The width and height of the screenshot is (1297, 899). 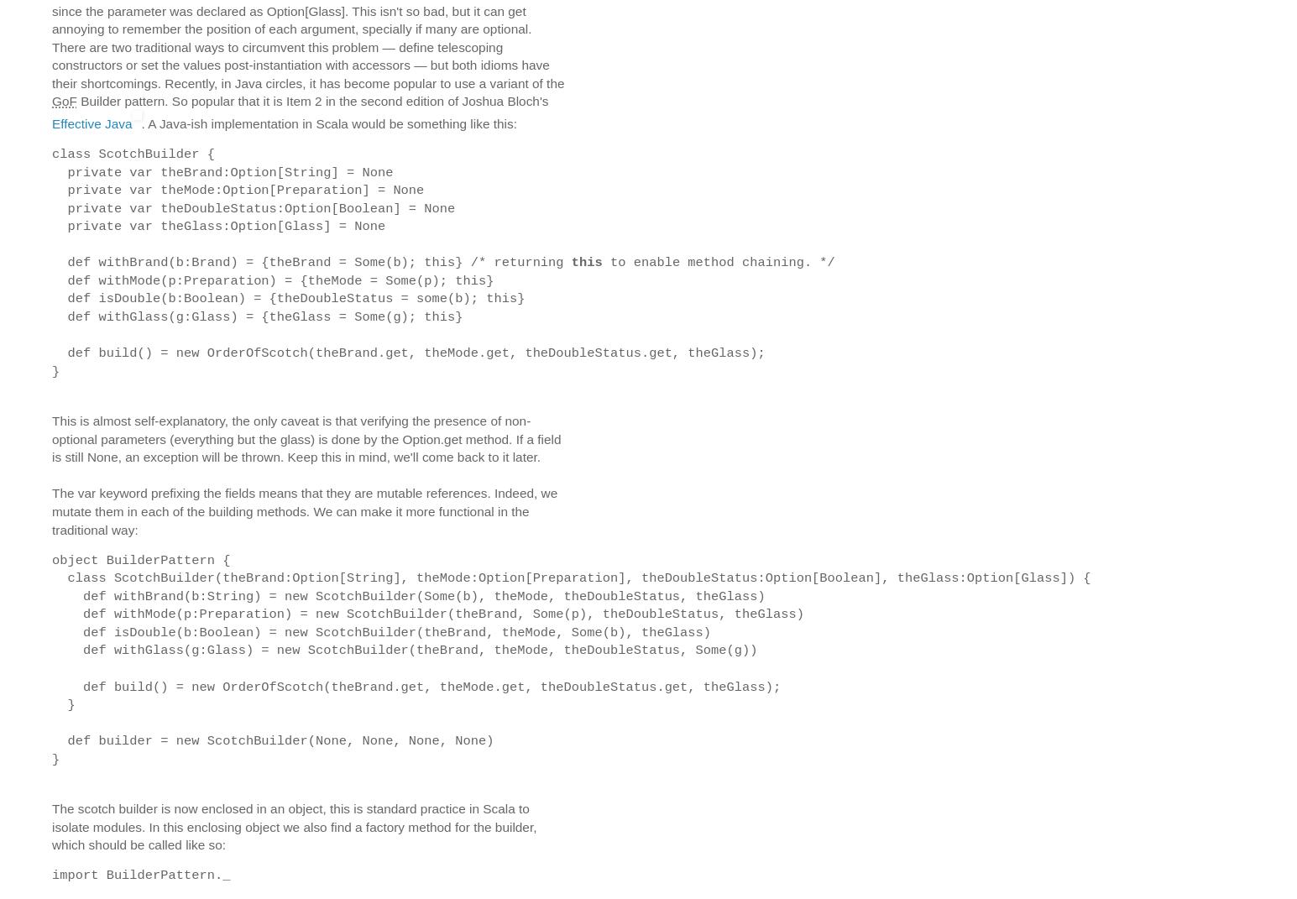 What do you see at coordinates (50, 280) in the screenshot?
I see `'def withMode(p:Preparation) = {theMode = Some(p); this}'` at bounding box center [50, 280].